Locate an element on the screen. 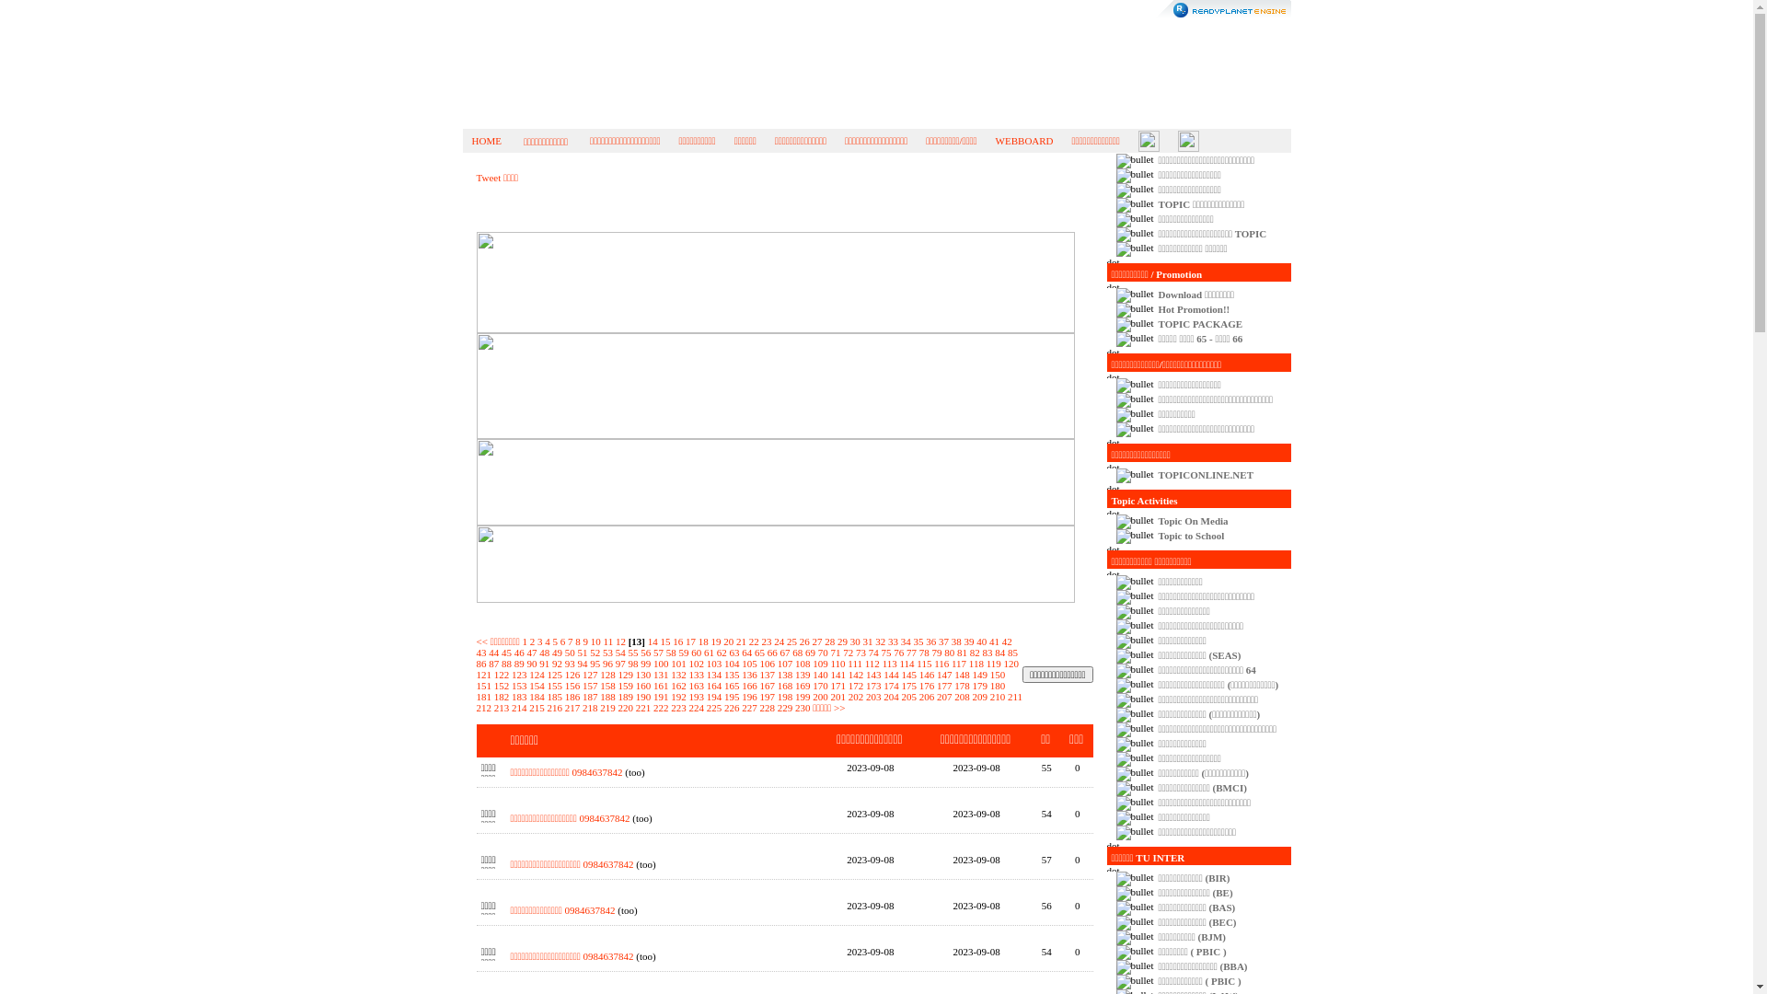  '201' is located at coordinates (837, 696).